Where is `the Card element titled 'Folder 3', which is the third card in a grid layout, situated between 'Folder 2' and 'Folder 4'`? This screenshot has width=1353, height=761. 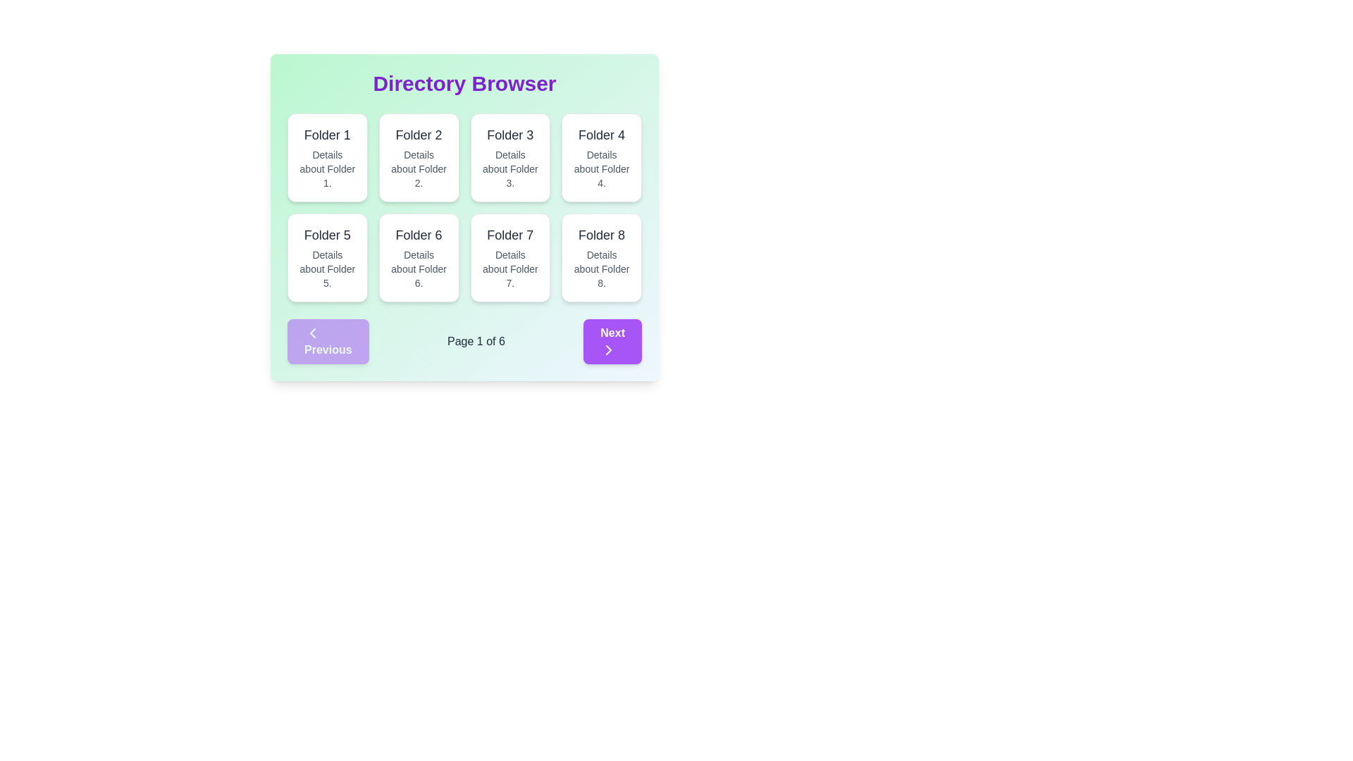 the Card element titled 'Folder 3', which is the third card in a grid layout, situated between 'Folder 2' and 'Folder 4' is located at coordinates (509, 157).